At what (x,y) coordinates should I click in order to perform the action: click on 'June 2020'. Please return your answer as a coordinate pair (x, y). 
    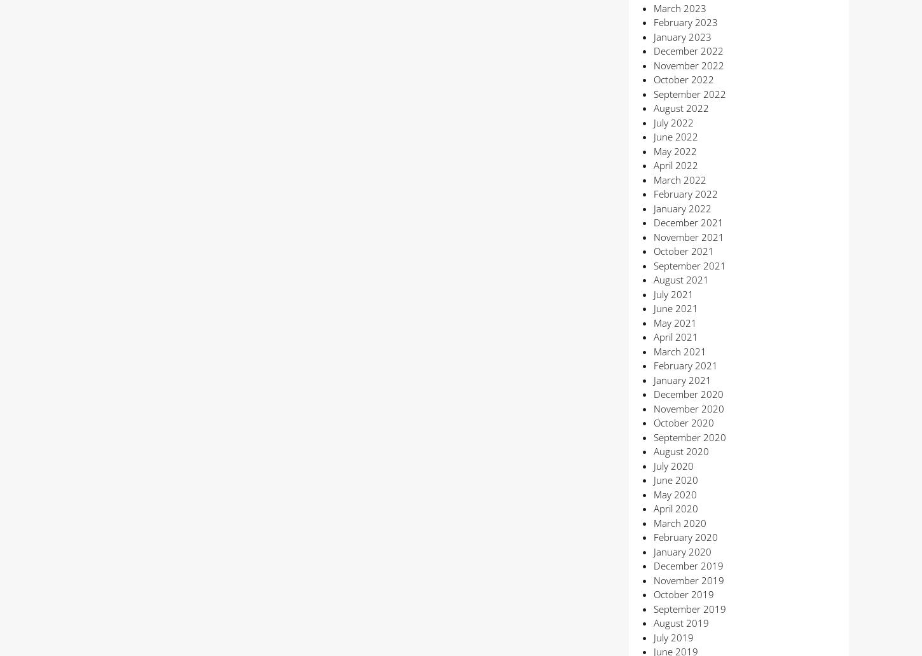
    Looking at the image, I should click on (653, 479).